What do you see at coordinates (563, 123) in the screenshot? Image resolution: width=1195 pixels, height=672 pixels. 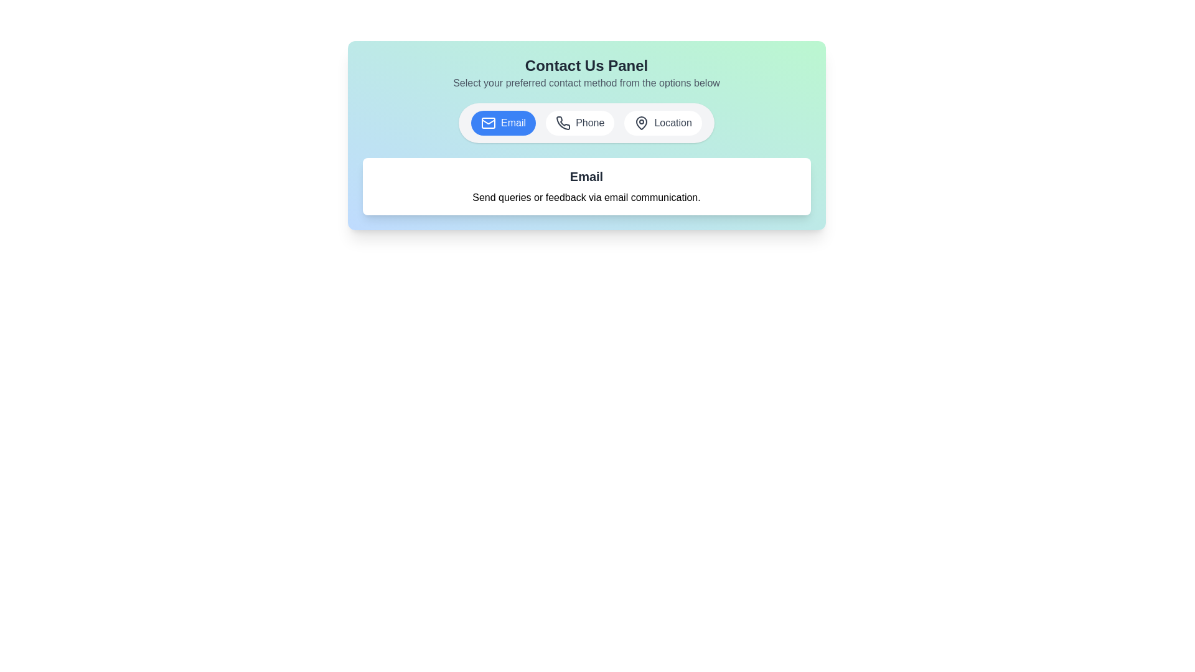 I see `the phone icon, which represents the call functionality and is located in the middle of the options labeled 'Email', 'Phone', and 'Location'` at bounding box center [563, 123].